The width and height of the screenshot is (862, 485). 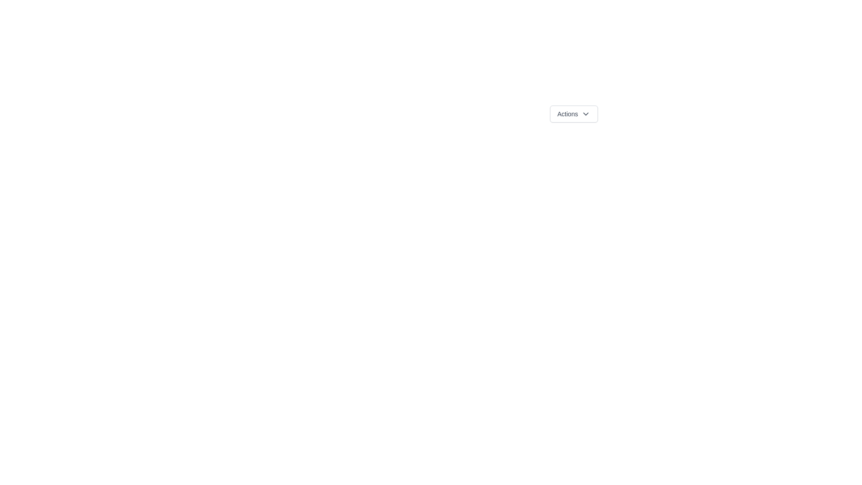 I want to click on the dropdown button located in the upper-right area of the page, so click(x=573, y=114).